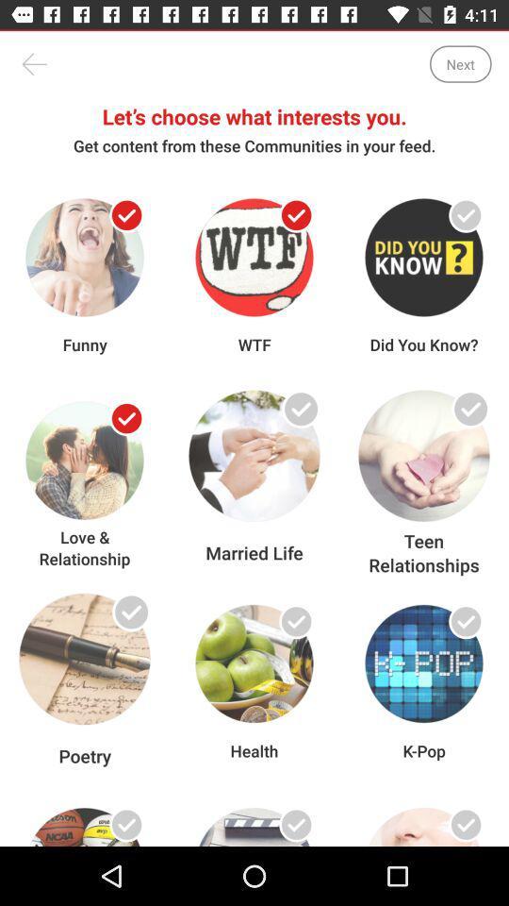  Describe the element at coordinates (126, 418) in the screenshot. I see `select` at that location.